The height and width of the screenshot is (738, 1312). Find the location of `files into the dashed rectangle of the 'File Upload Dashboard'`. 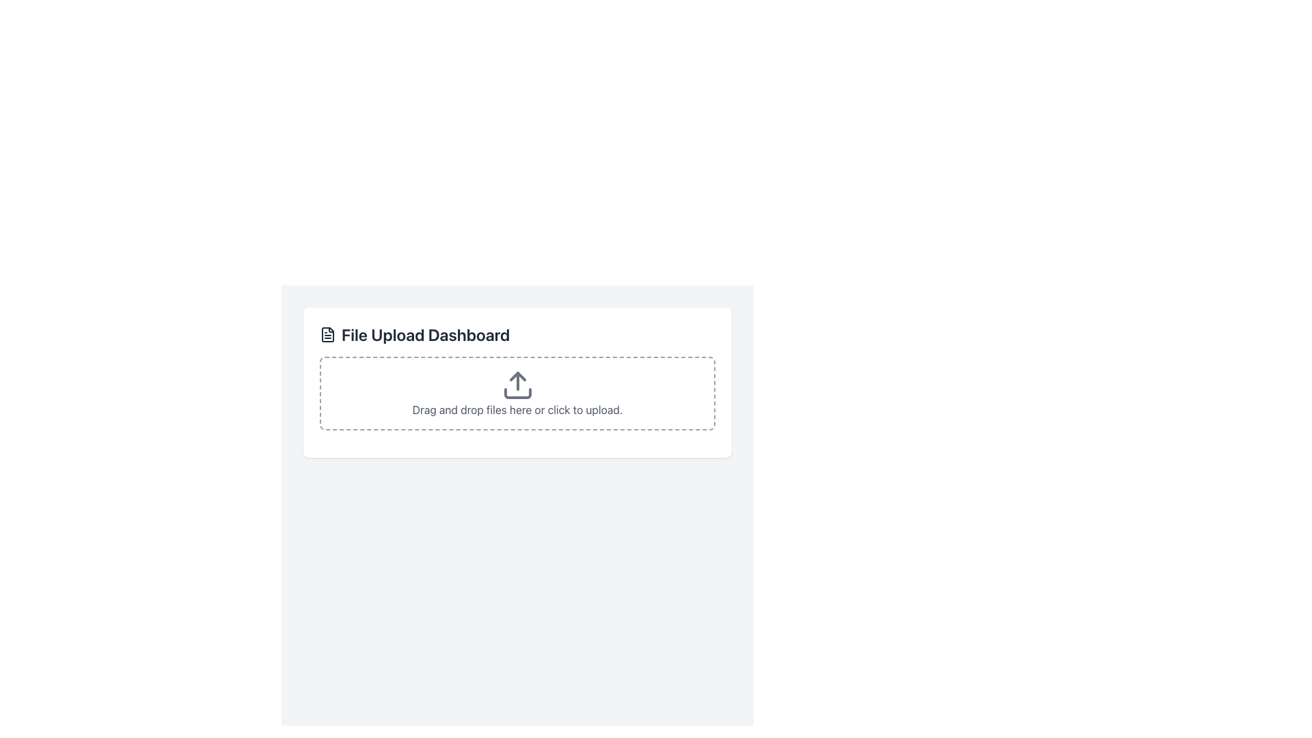

files into the dashed rectangle of the 'File Upload Dashboard' is located at coordinates (517, 382).